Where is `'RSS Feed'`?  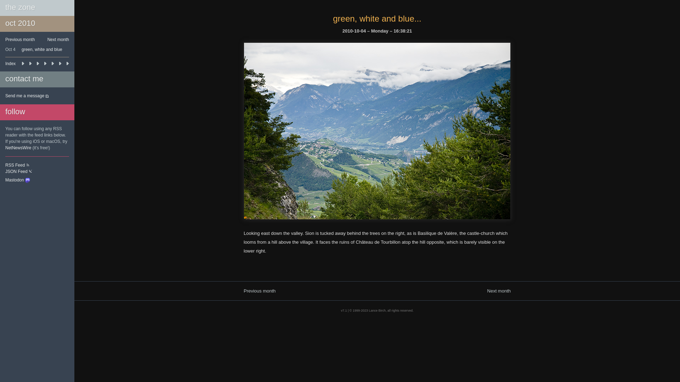 'RSS Feed' is located at coordinates (17, 165).